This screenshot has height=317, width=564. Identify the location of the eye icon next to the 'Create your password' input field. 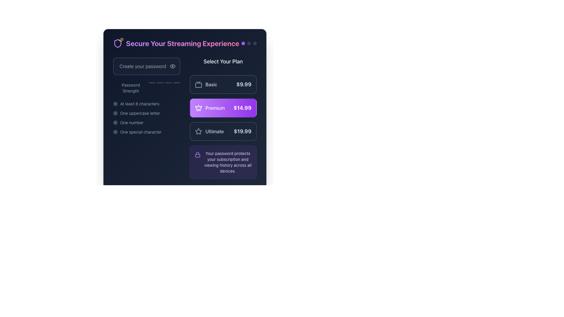
(147, 66).